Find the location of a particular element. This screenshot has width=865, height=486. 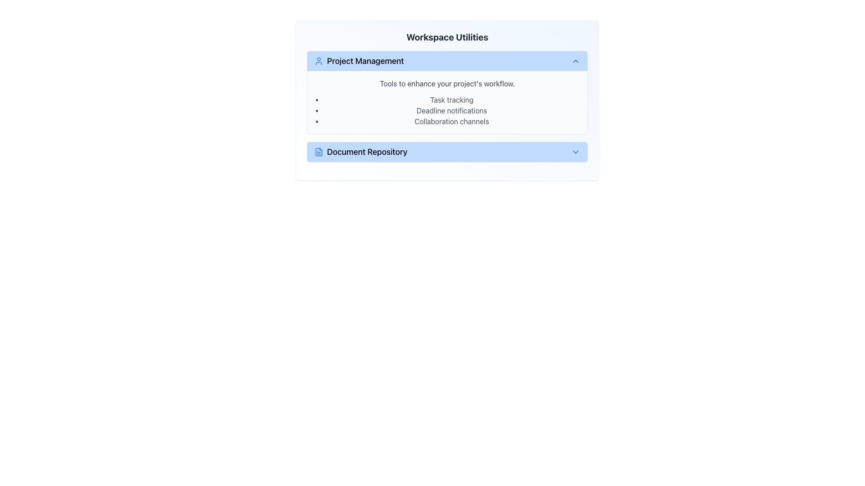

informational text element that says 'Tools to enhance your project's workflow.' located in the 'Project Management' section under 'Workspace Utilities' is located at coordinates (447, 83).